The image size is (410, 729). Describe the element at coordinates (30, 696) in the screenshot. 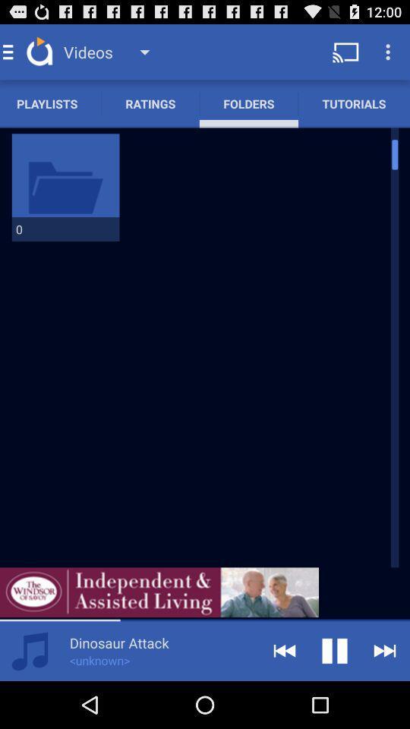

I see `the music icon` at that location.